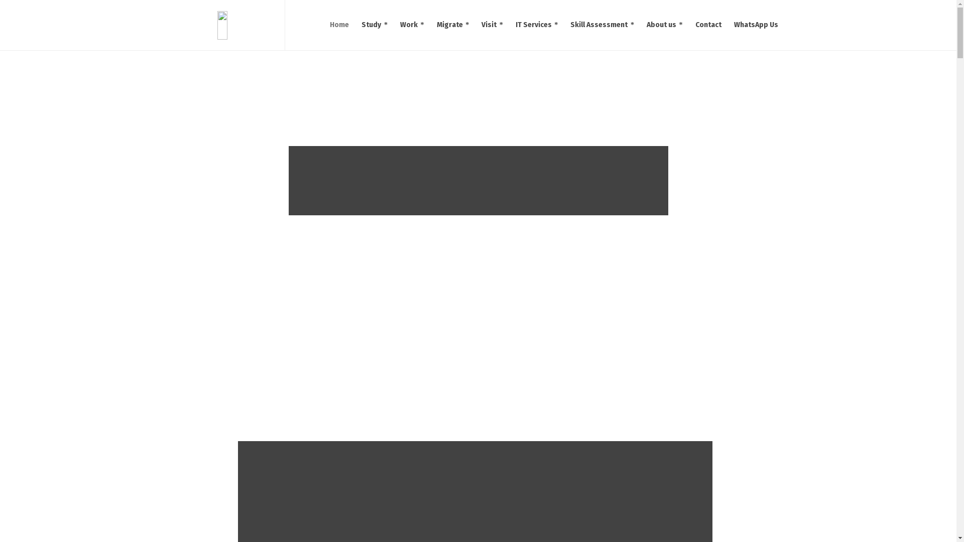 The width and height of the screenshot is (964, 542). What do you see at coordinates (339, 25) in the screenshot?
I see `'Home'` at bounding box center [339, 25].